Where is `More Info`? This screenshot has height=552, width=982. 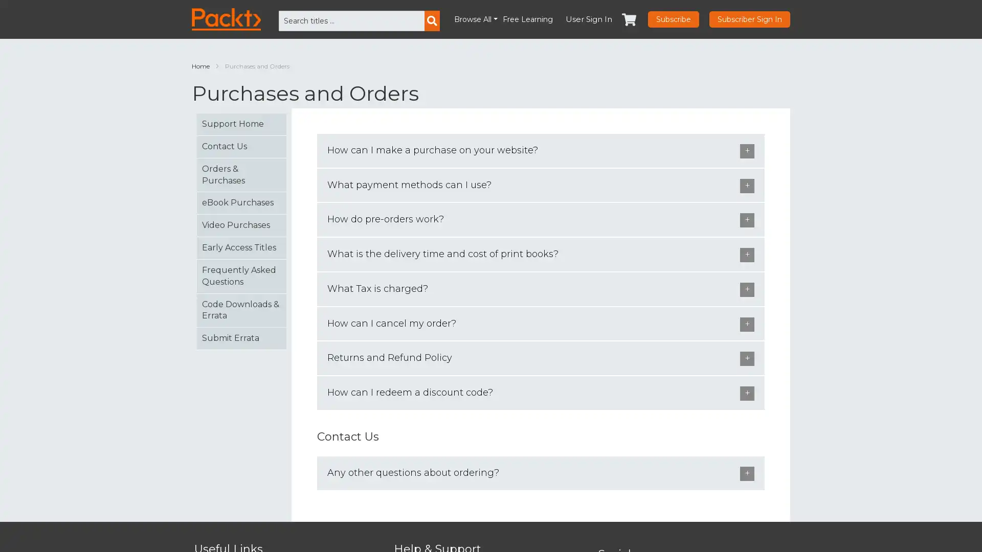
More Info is located at coordinates (836, 530).